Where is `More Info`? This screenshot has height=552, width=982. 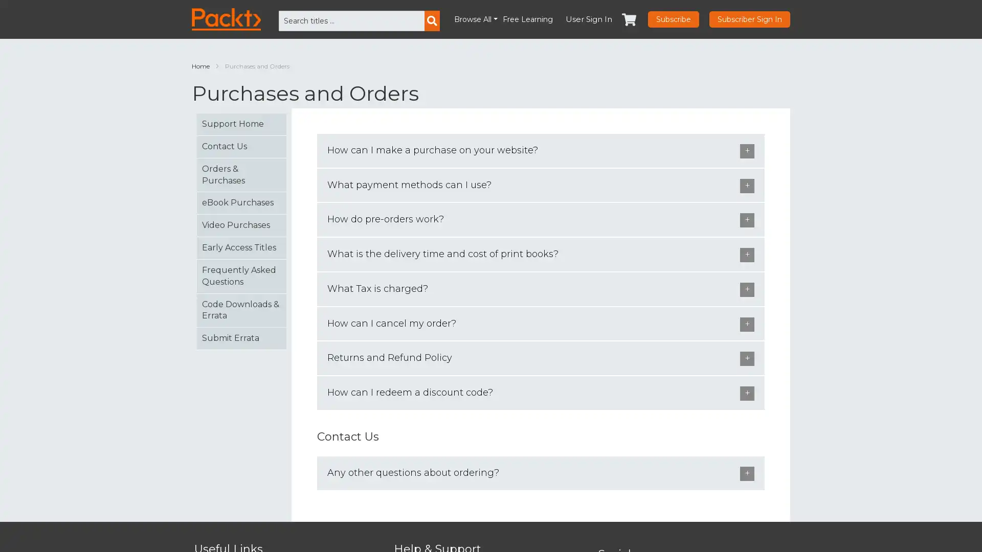
More Info is located at coordinates (836, 530).